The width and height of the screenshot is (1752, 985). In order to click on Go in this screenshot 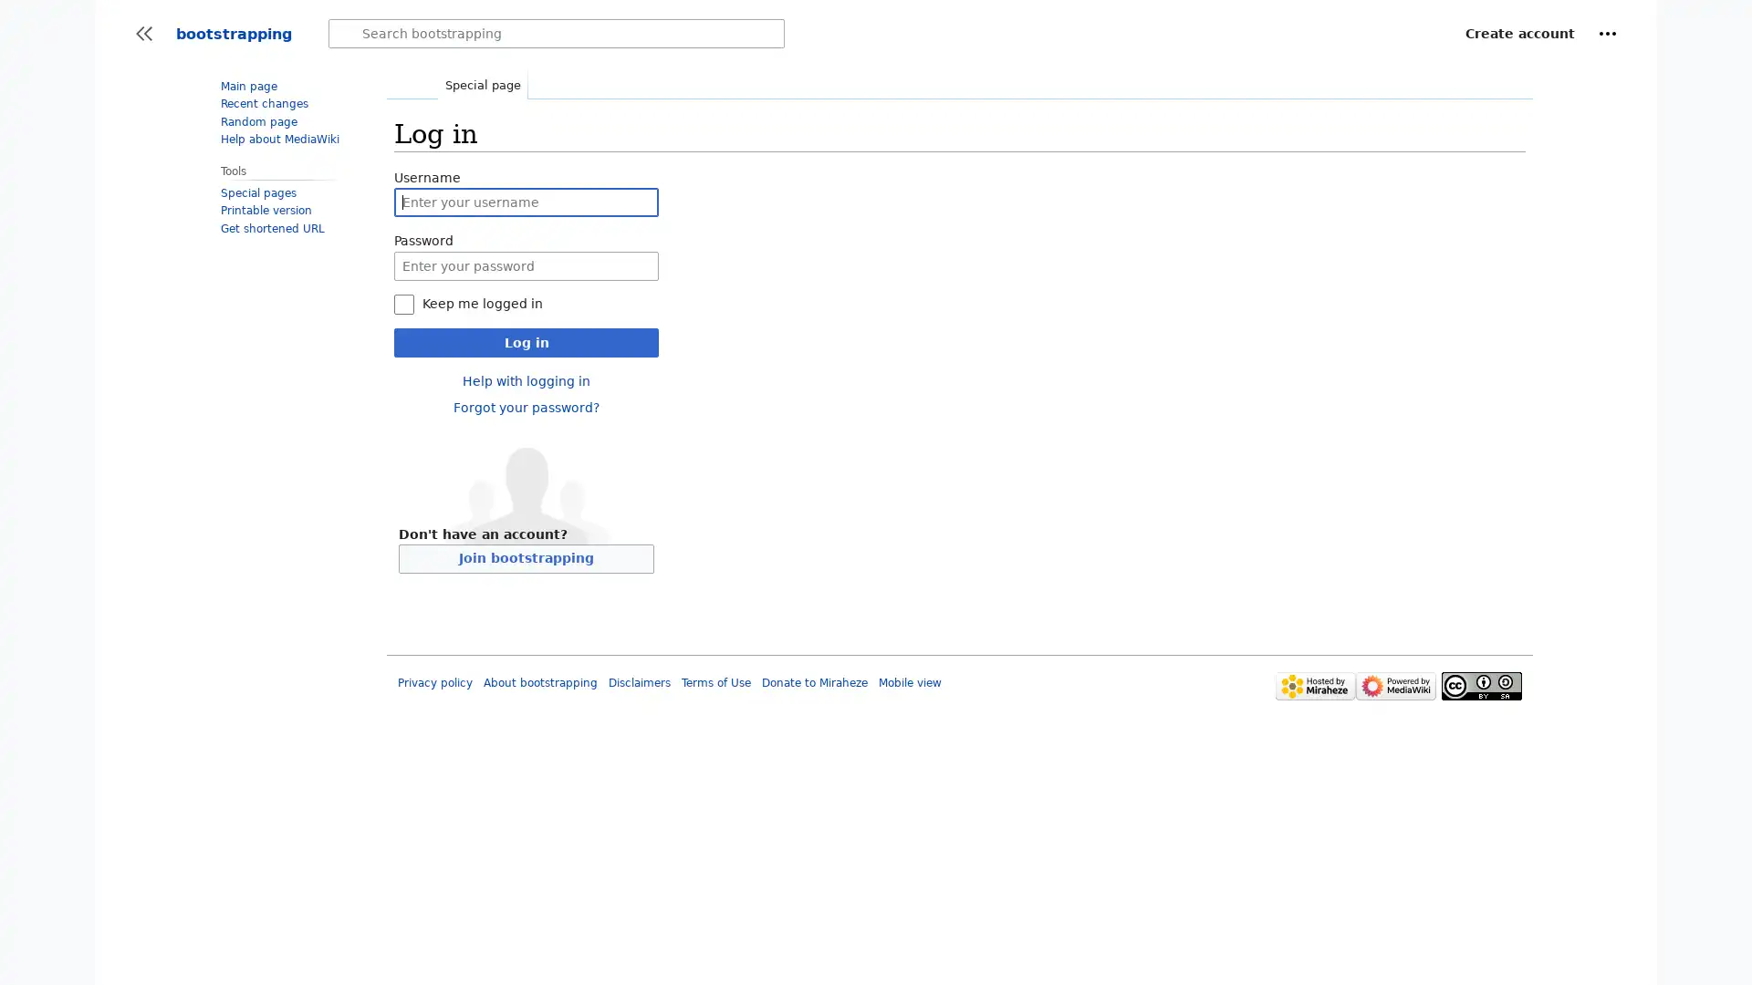, I will do `click(346, 34)`.